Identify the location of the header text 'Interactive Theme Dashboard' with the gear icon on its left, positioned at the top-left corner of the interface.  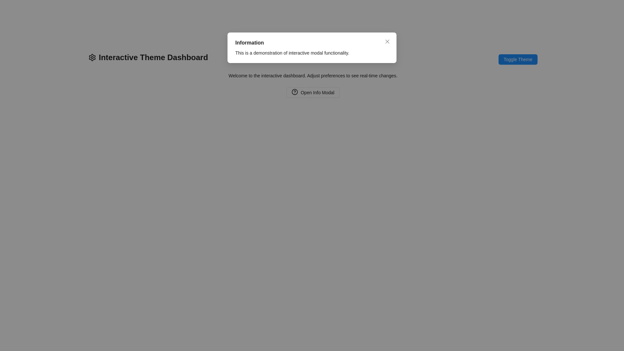
(148, 57).